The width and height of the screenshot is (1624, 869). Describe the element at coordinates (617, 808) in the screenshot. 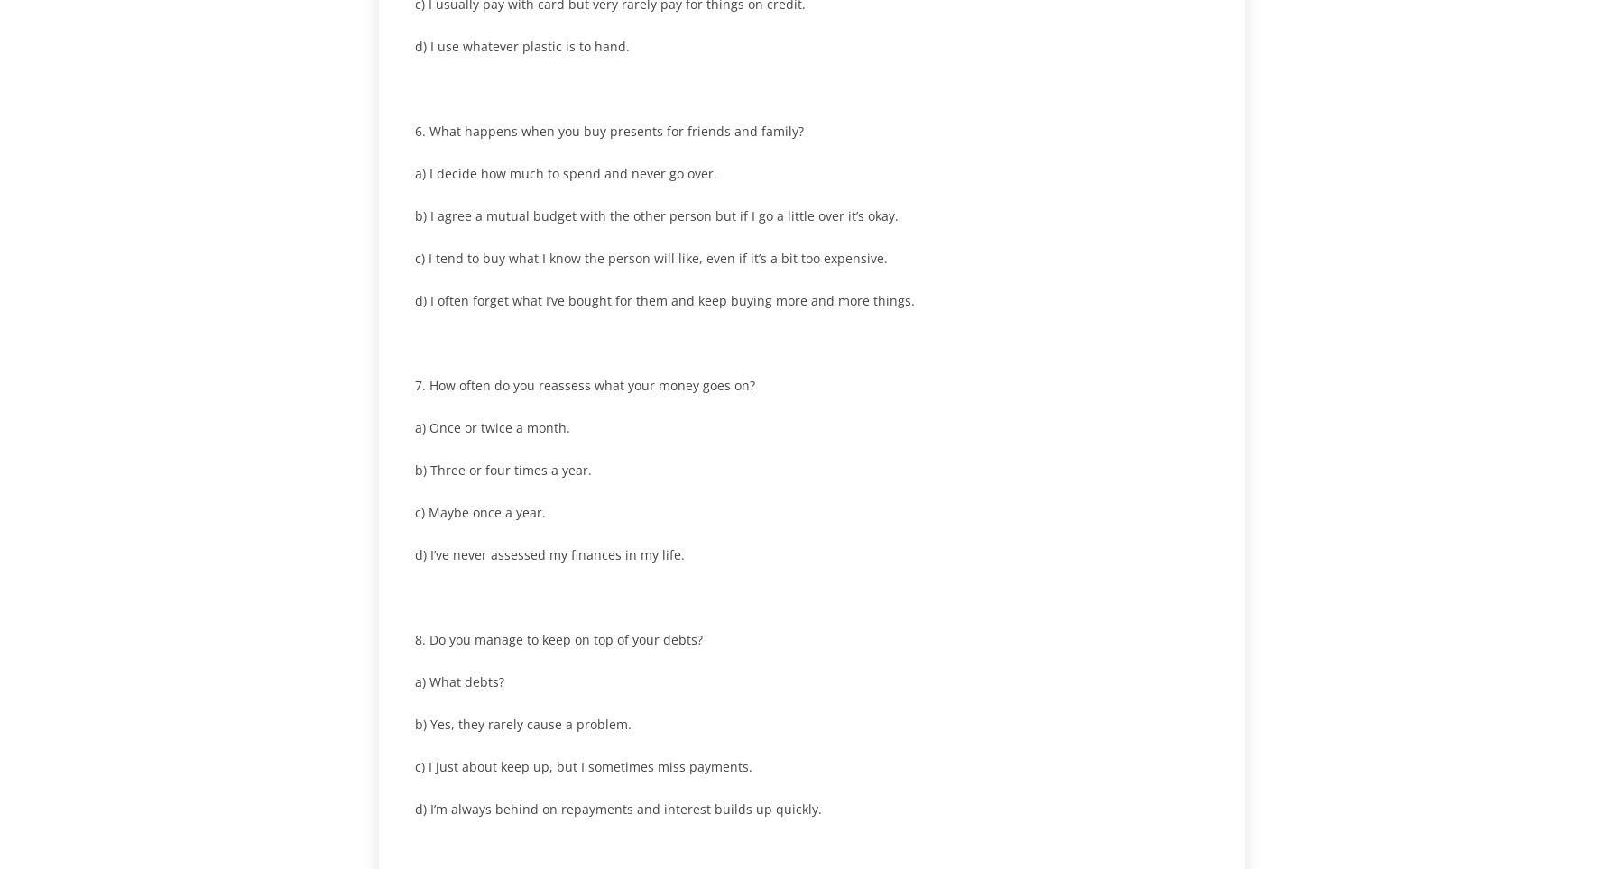

I see `'d) I’m always behind on repayments and interest builds up quickly.'` at that location.